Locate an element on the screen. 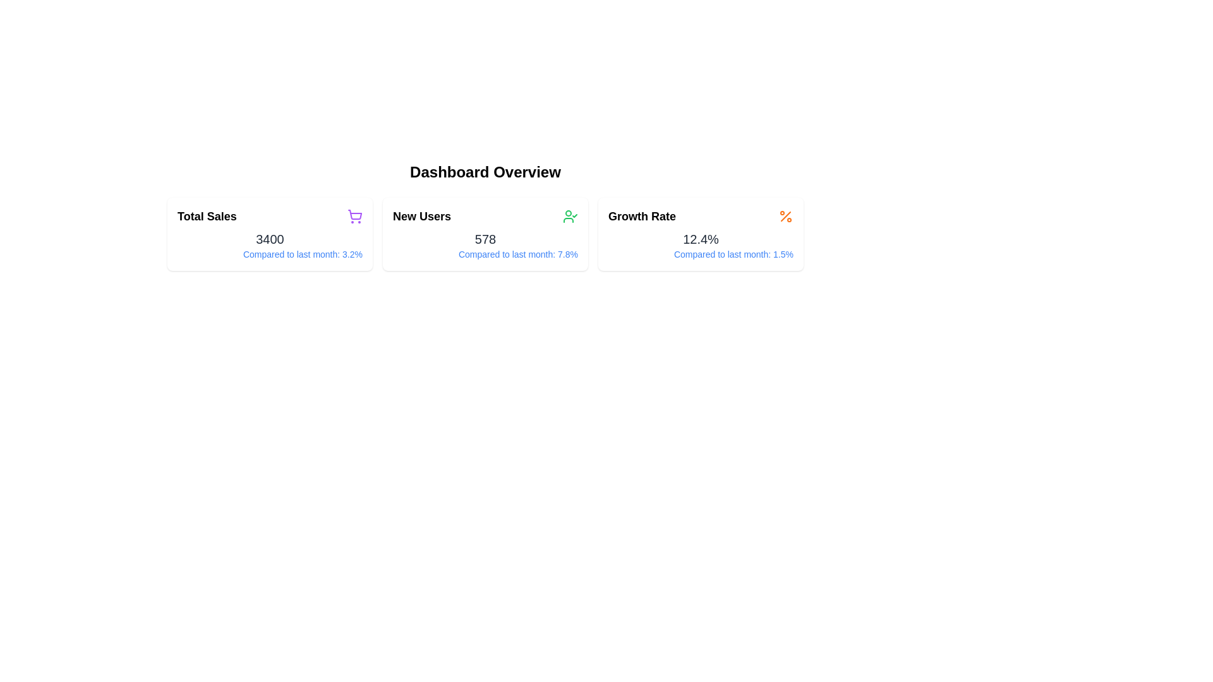 This screenshot has height=682, width=1213. the text label indicating the number of new users, which is located in the center of the 'New Users' panel, positioned below the panel label and above the smaller text about last month's comparison is located at coordinates (485, 239).